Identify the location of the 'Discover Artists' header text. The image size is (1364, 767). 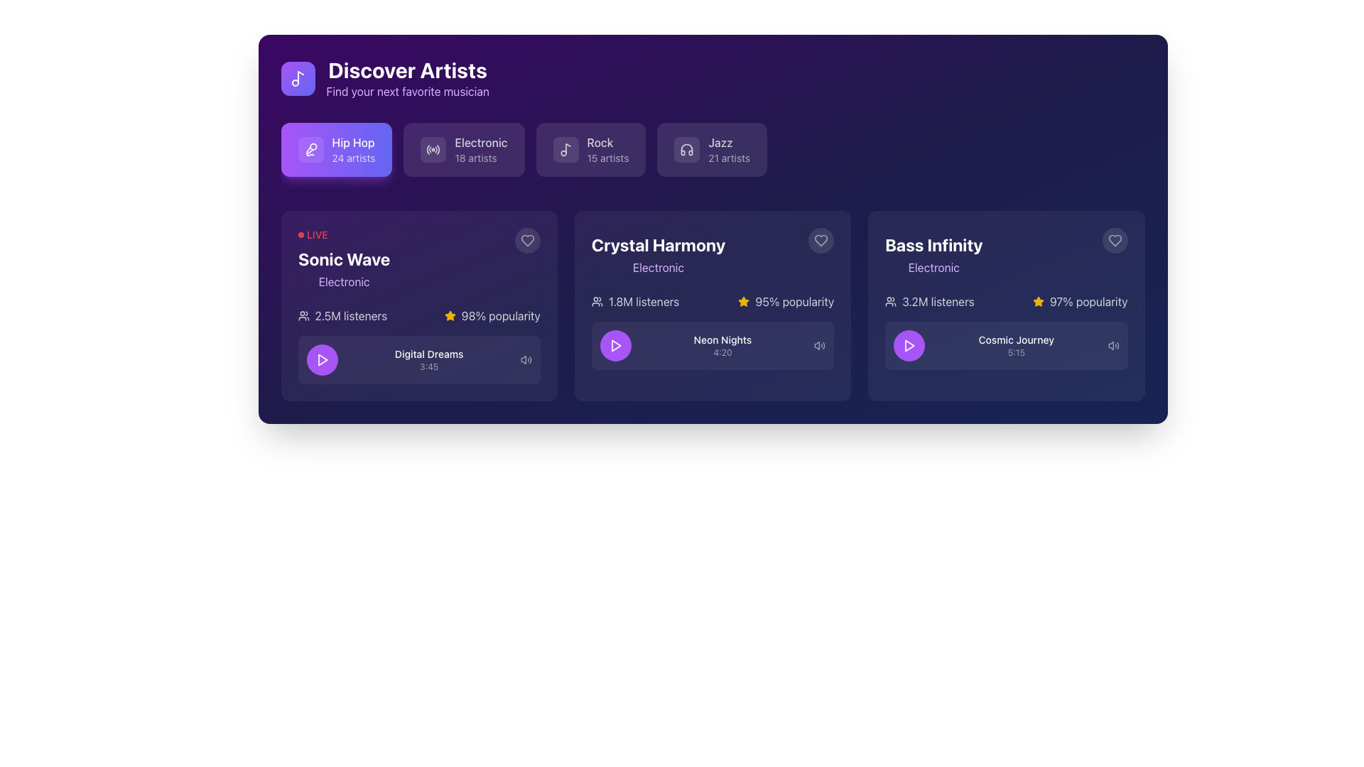
(385, 79).